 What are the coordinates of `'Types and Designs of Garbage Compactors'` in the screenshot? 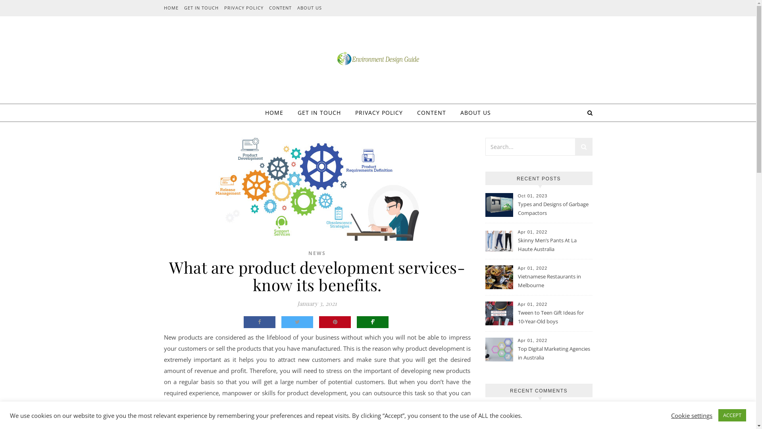 It's located at (554, 208).